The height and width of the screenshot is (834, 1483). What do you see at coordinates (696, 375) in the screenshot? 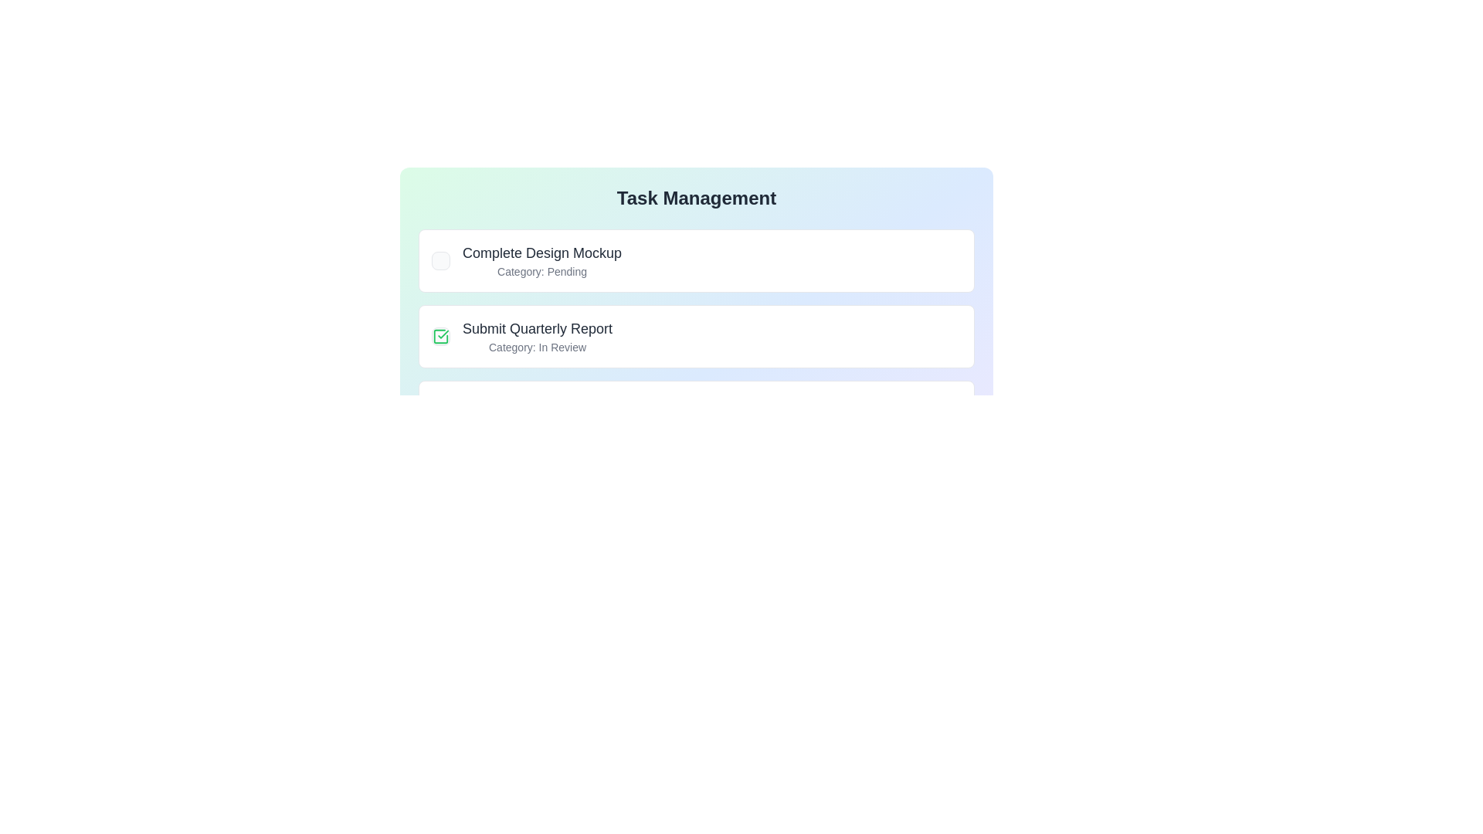
I see `the second task card in the List of Cards below 'Complete Design Mockup' and above 'Team Feedback Session'` at bounding box center [696, 375].